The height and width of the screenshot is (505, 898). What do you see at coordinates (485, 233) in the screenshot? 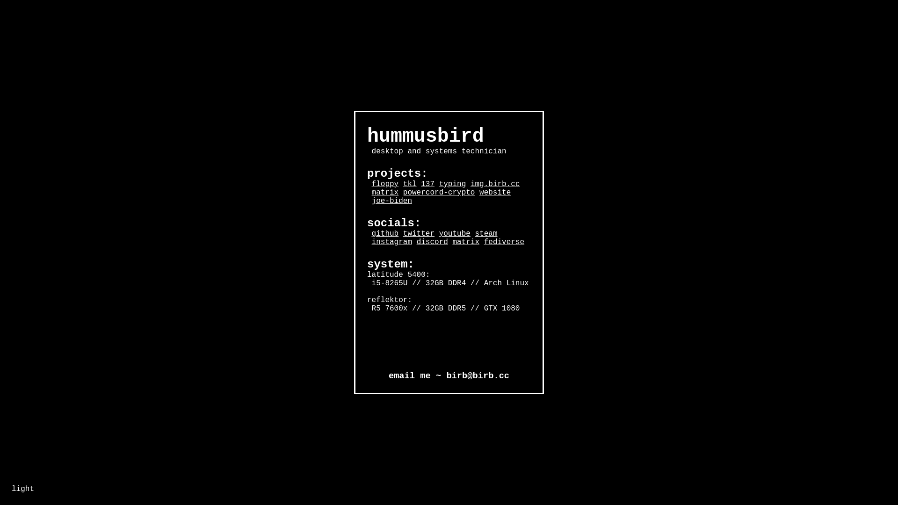
I see `'steam'` at bounding box center [485, 233].